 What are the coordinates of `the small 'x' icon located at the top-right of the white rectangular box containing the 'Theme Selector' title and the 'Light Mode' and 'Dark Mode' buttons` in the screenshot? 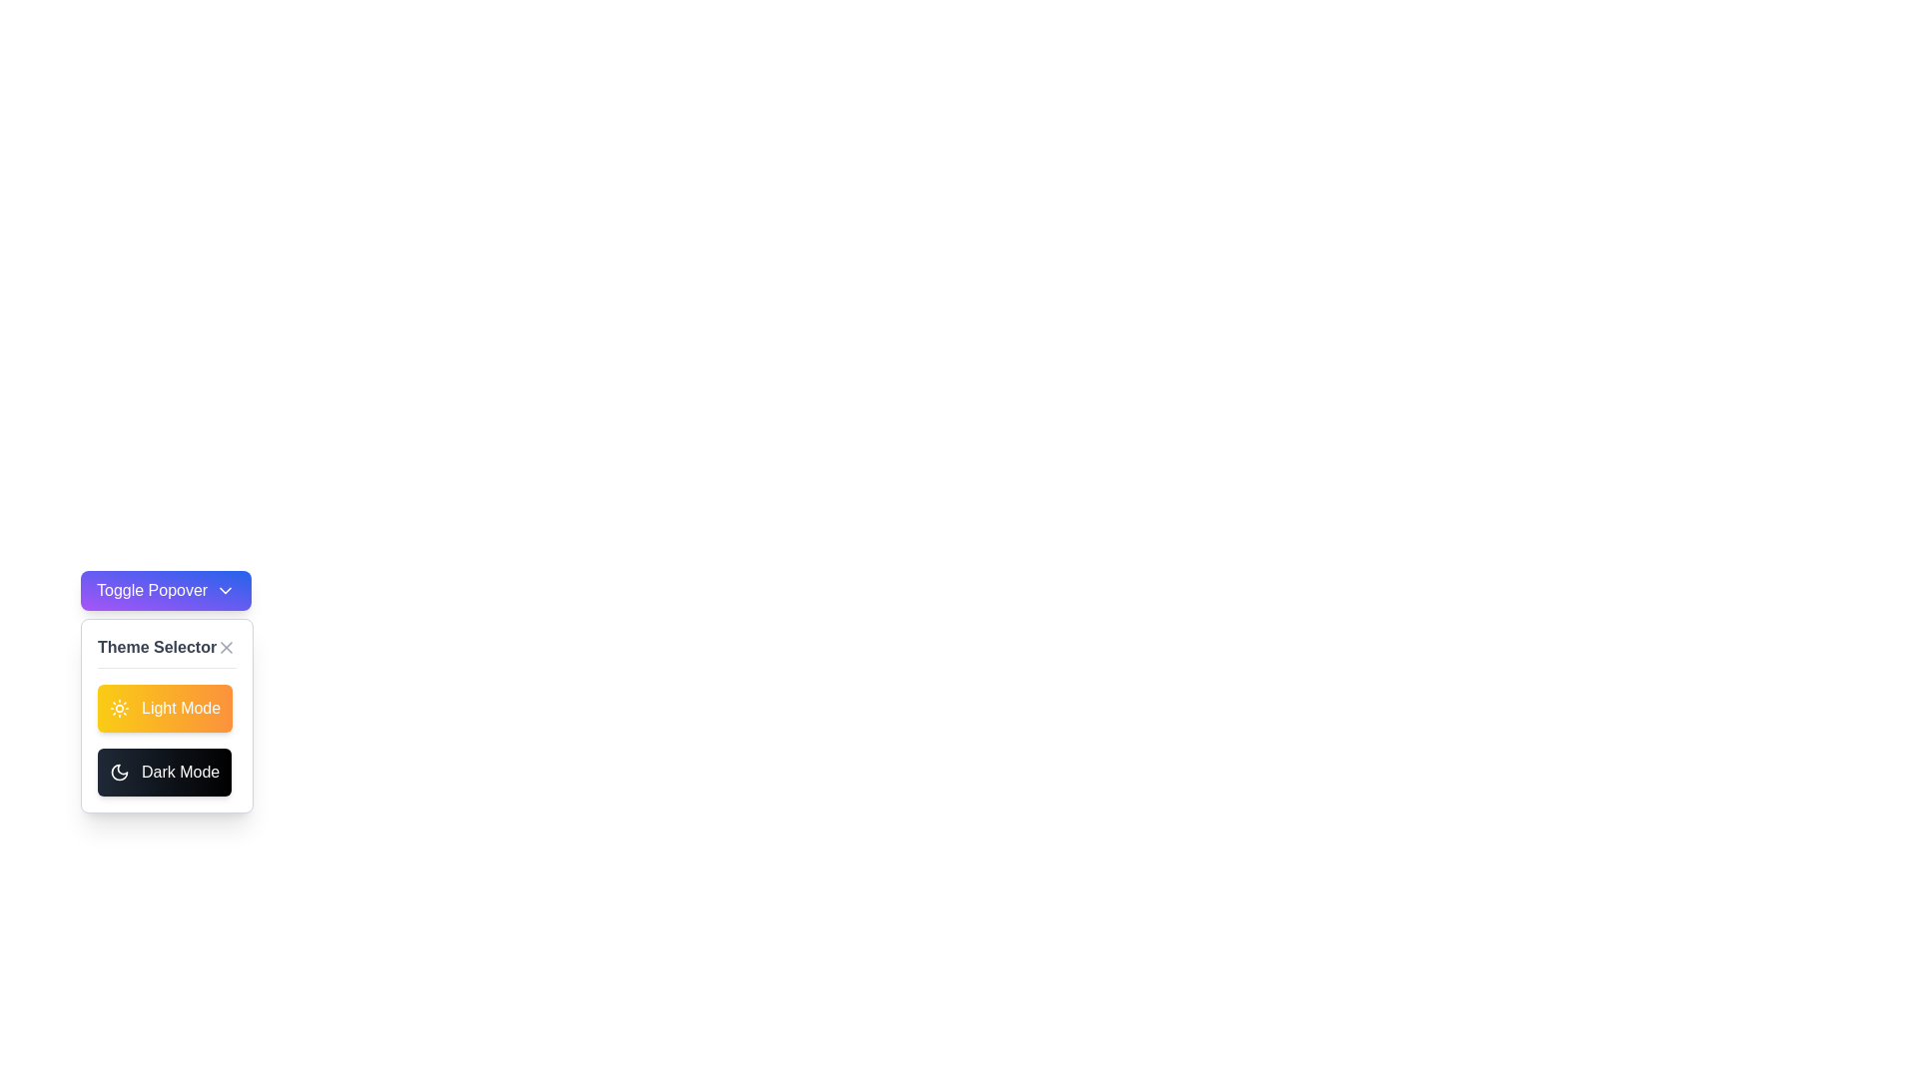 It's located at (227, 647).